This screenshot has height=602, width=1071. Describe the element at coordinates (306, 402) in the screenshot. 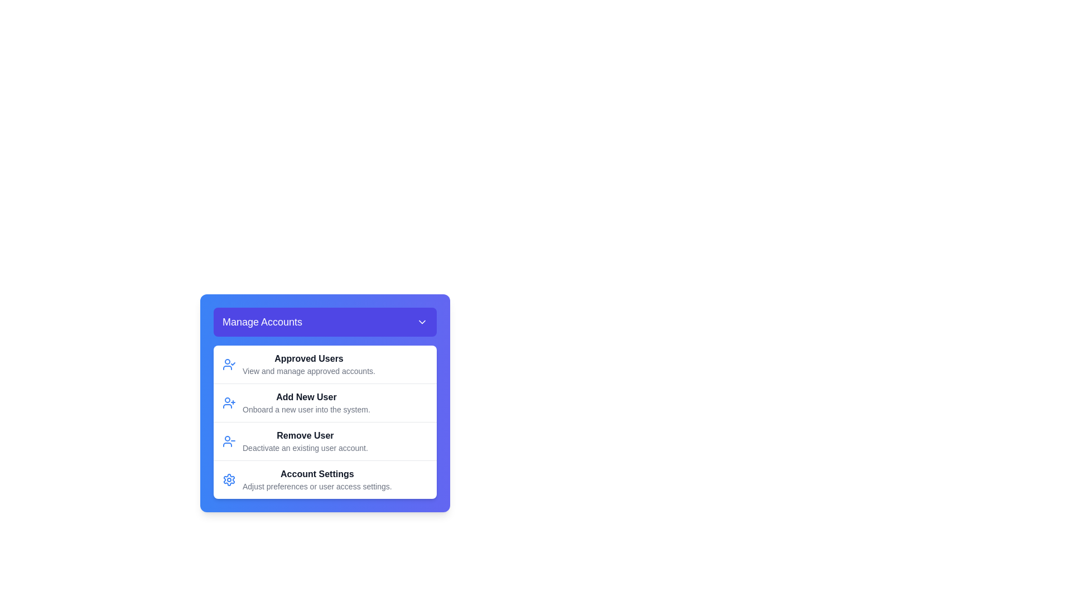

I see `to select the 'Add New User' option in the Manage Accounts menu, which is the second item below 'Approved Users'` at that location.